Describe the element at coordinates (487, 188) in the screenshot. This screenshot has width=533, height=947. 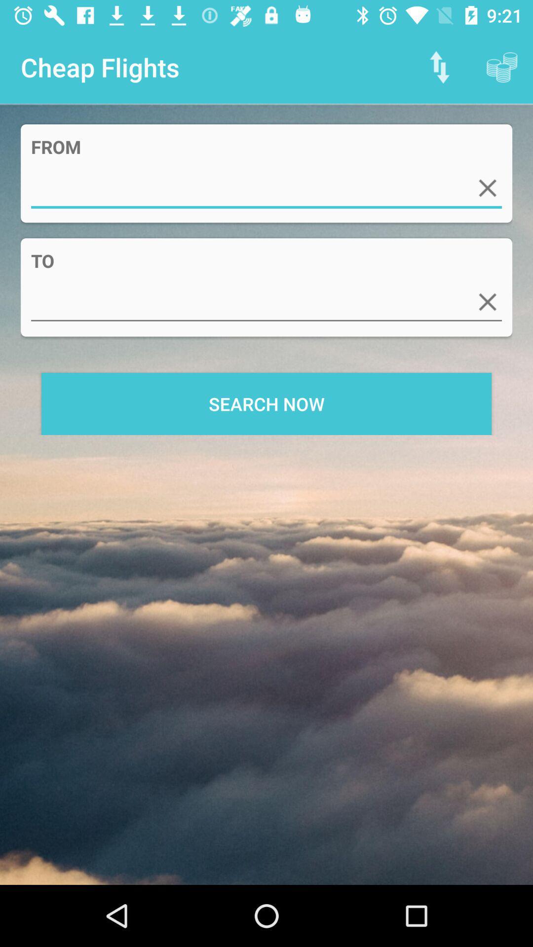
I see `out this box` at that location.